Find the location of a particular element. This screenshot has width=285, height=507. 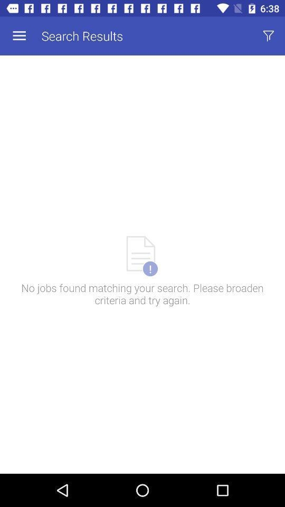

the icon above the no jobs found is located at coordinates (268, 36).